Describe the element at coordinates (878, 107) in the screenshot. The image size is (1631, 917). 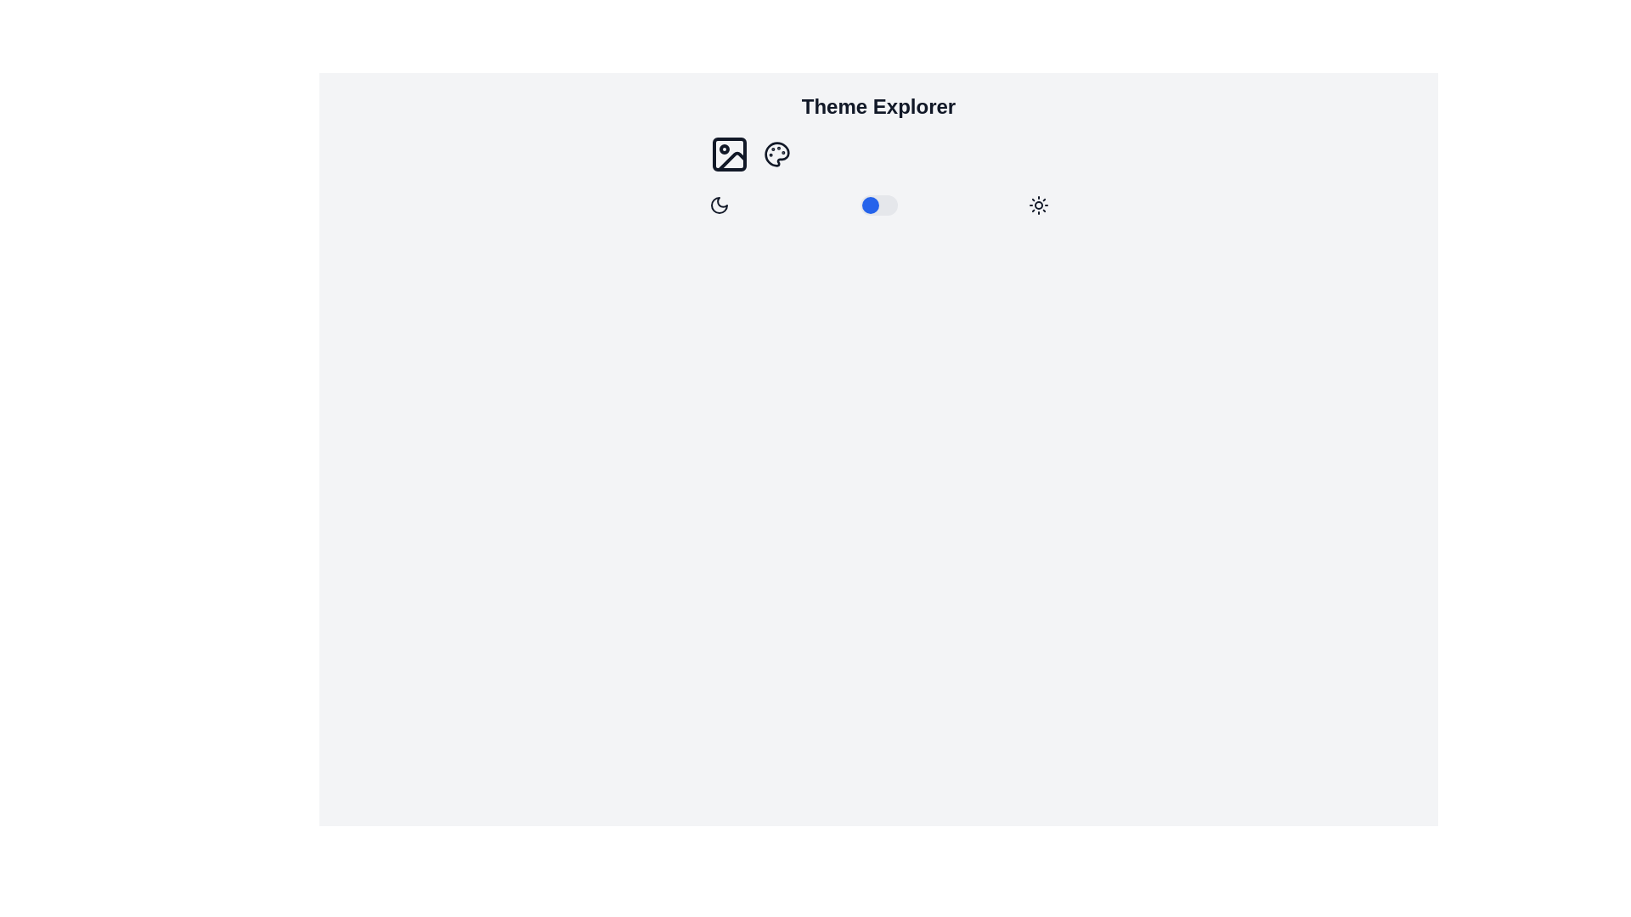
I see `bold and enlarged text label displaying 'Theme Explorer' located at the topmost position of the interface, serving as the main title of the section` at that location.